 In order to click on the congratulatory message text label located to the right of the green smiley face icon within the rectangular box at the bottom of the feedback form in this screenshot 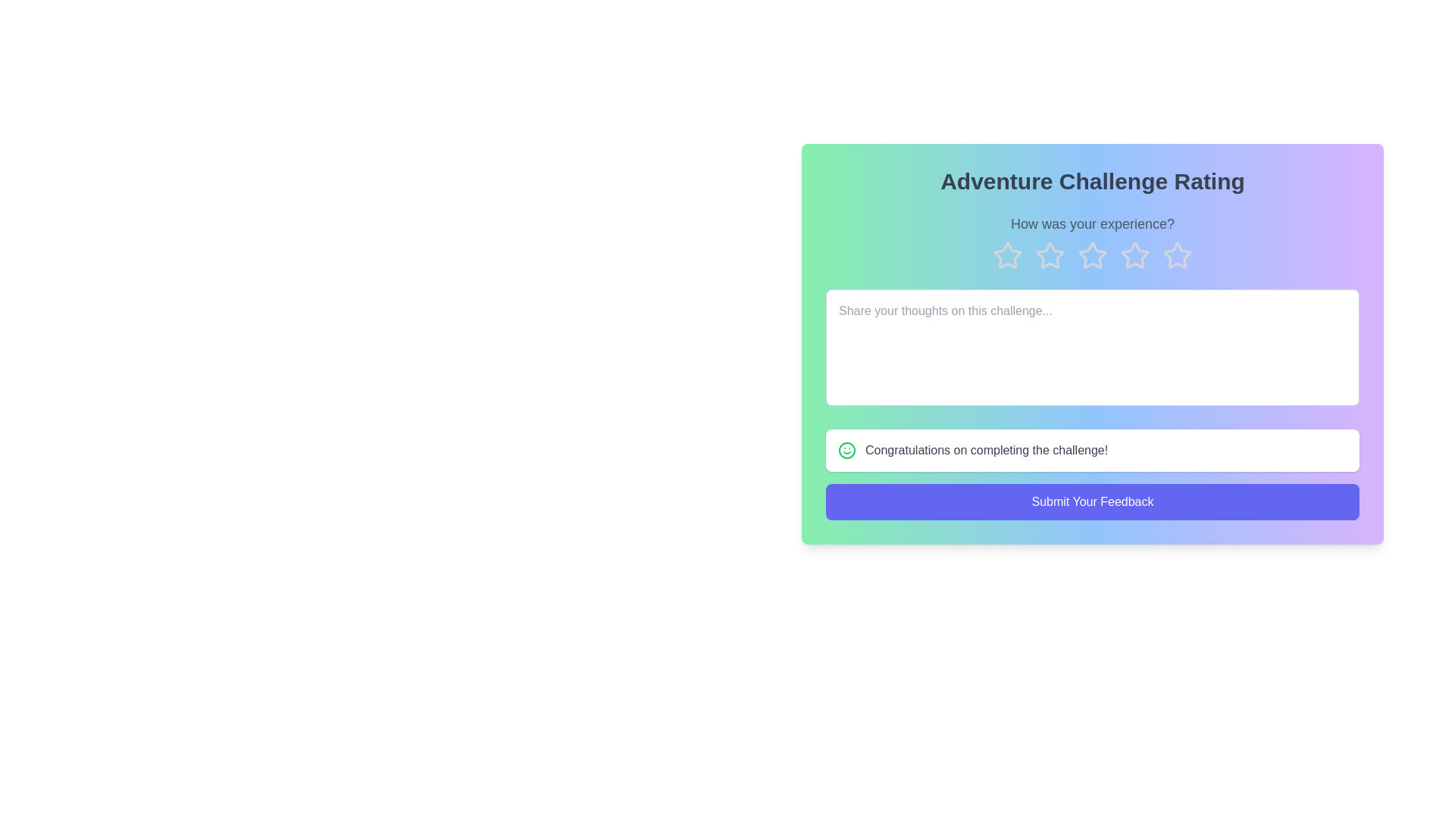, I will do `click(987, 449)`.